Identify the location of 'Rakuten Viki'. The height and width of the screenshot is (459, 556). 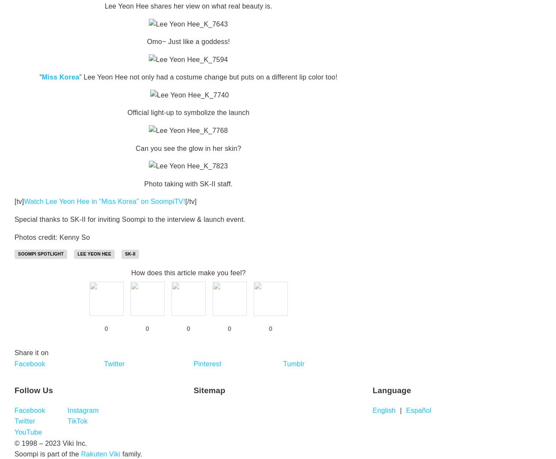
(100, 454).